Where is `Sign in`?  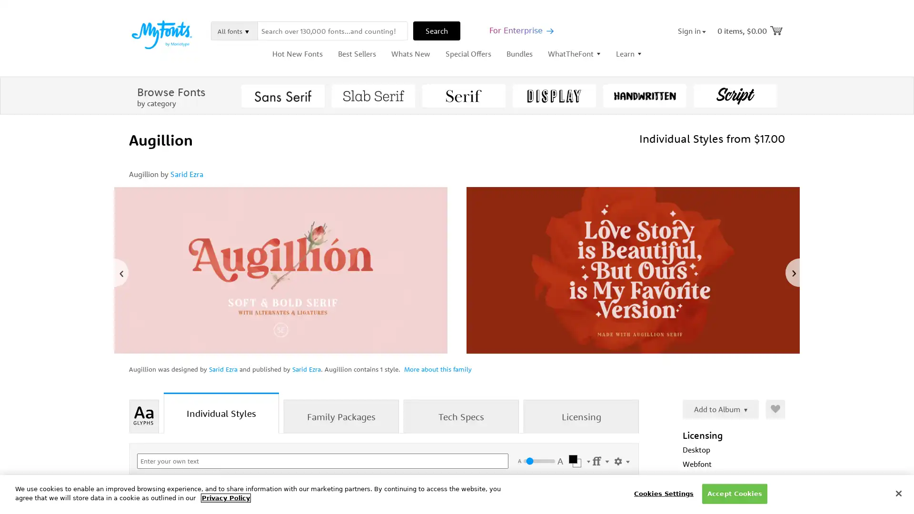
Sign in is located at coordinates (692, 30).